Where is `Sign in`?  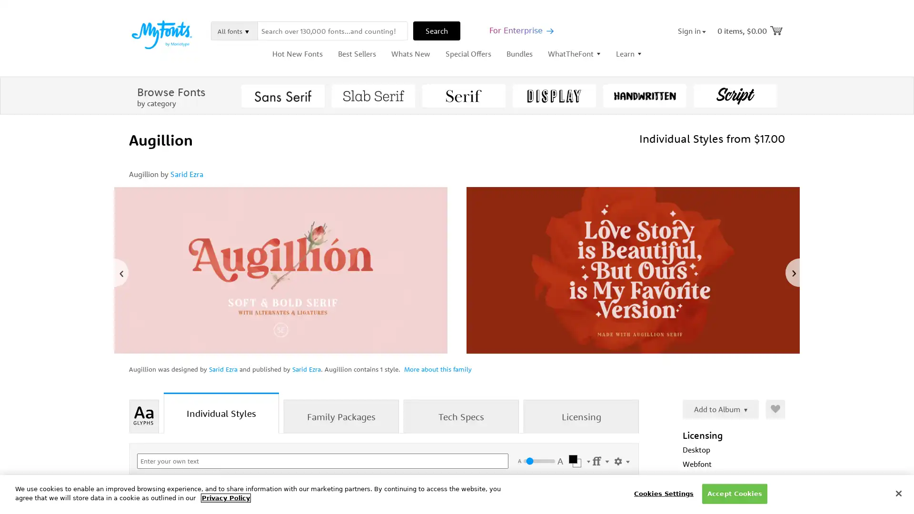
Sign in is located at coordinates (692, 30).